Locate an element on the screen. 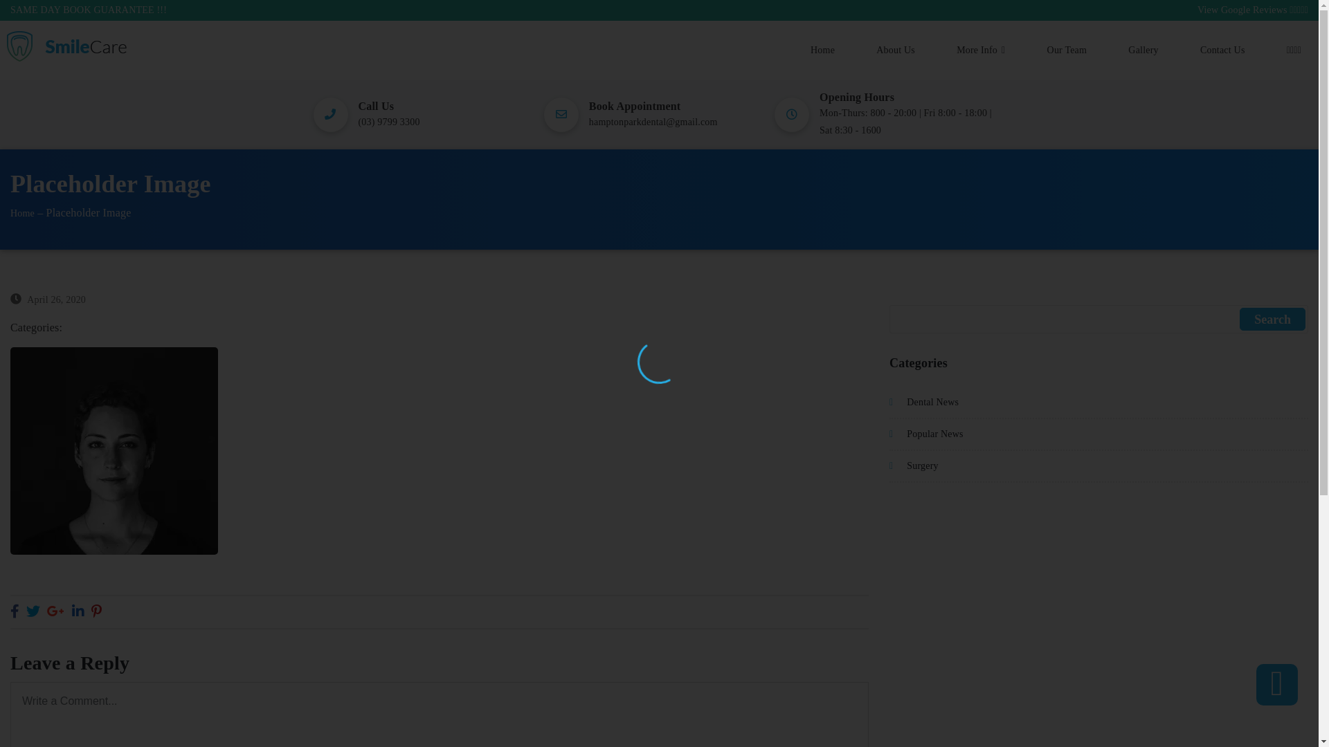  'hamptonparkdental@gmail.com' is located at coordinates (588, 121).